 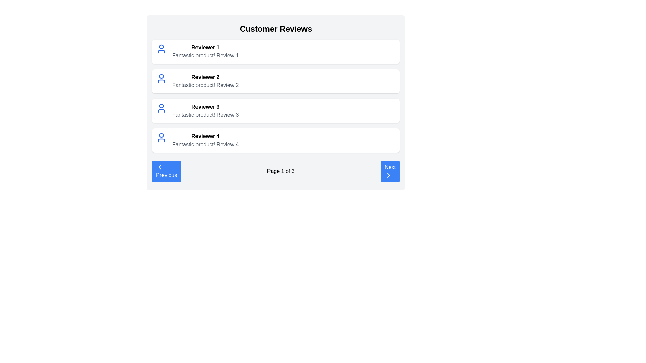 What do you see at coordinates (161, 106) in the screenshot?
I see `the circular graphical element with a blue outline and white fill, located within the user profile icon to the left of the 'Reviewer 3' list item` at bounding box center [161, 106].